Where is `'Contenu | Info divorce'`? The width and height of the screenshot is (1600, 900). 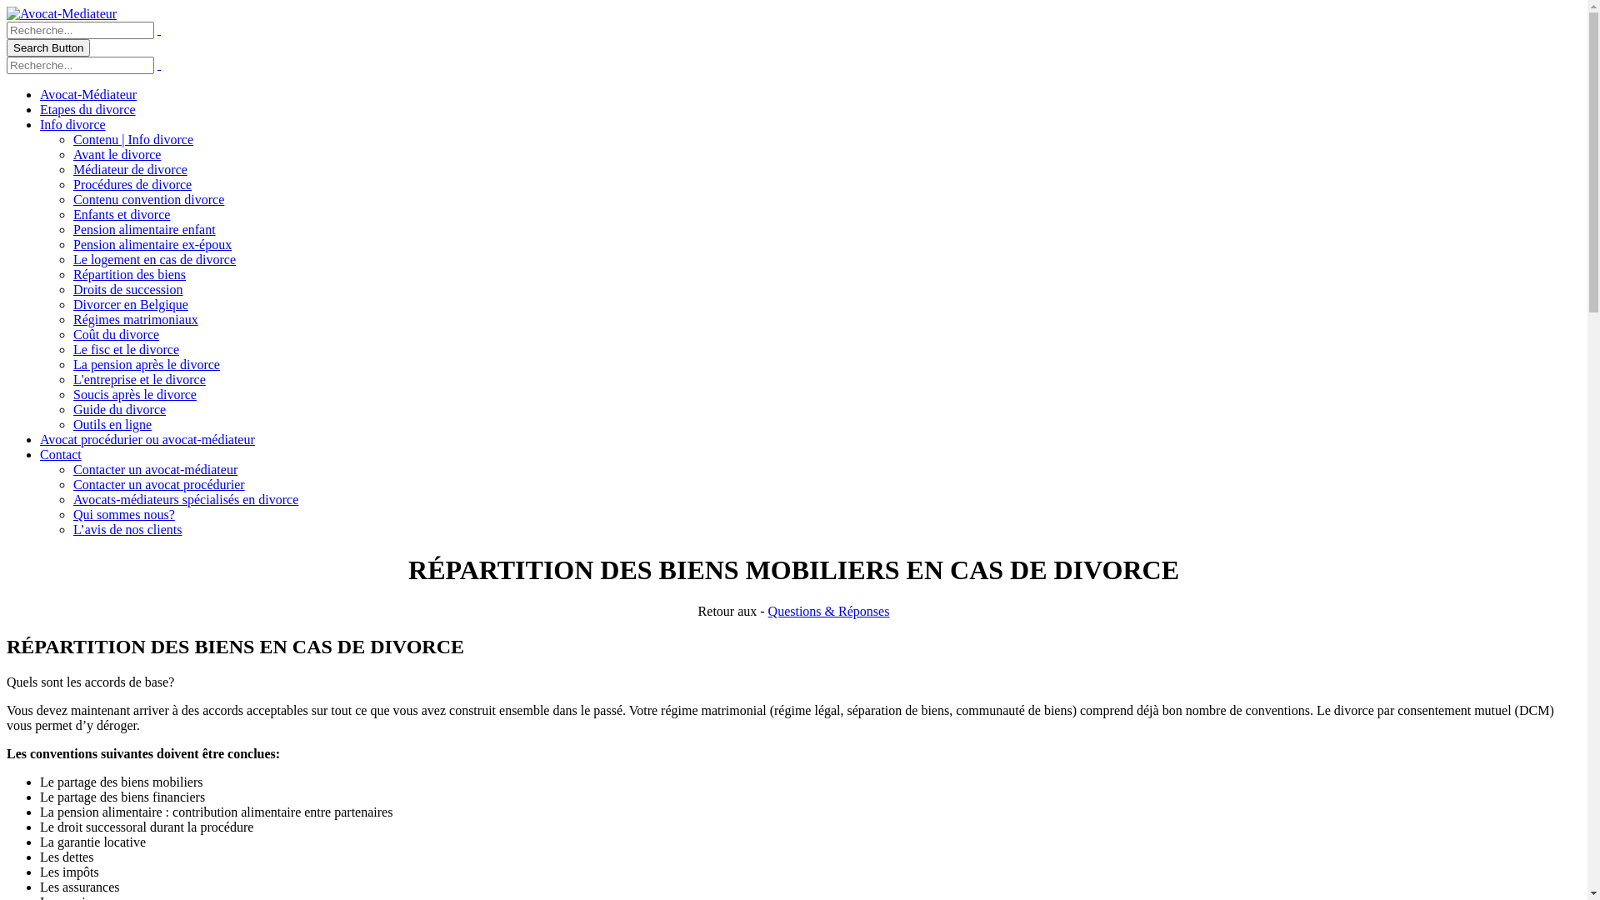
'Contenu | Info divorce' is located at coordinates (132, 138).